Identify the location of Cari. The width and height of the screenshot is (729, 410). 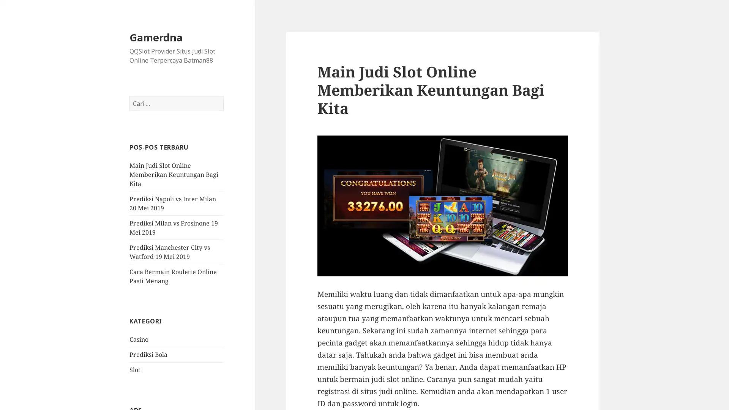
(223, 96).